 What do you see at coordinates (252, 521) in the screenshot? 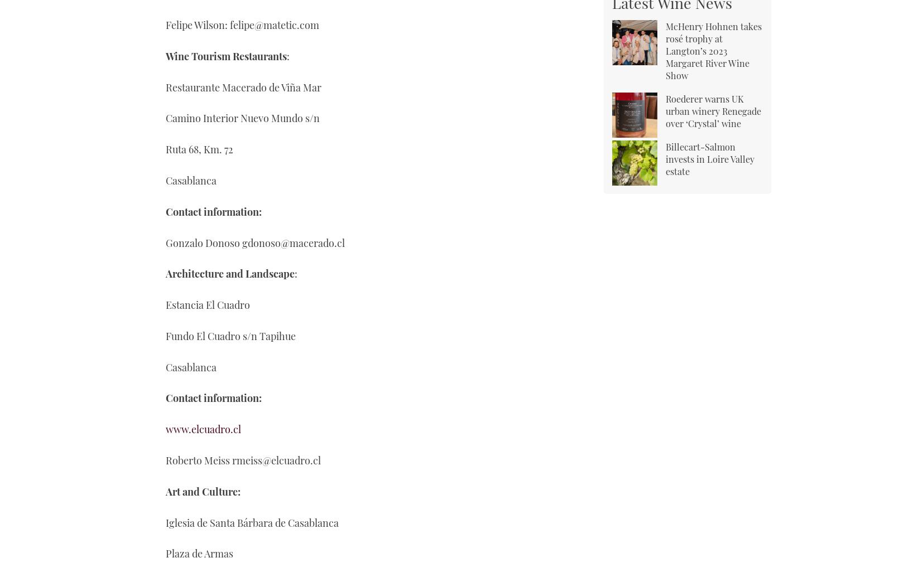
I see `'Iglesia de Santa Bárbara de Casablanca'` at bounding box center [252, 521].